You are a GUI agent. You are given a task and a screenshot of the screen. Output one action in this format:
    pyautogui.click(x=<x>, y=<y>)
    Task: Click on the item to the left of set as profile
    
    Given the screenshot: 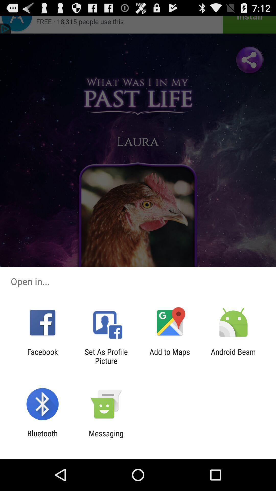 What is the action you would take?
    pyautogui.click(x=42, y=356)
    